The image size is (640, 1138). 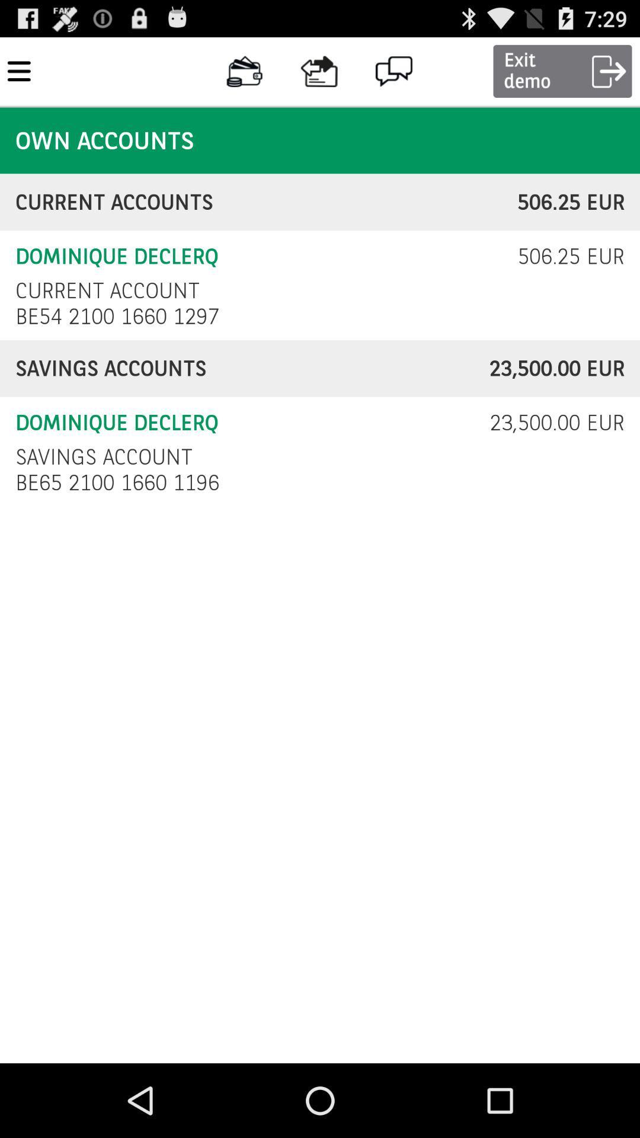 What do you see at coordinates (120, 316) in the screenshot?
I see `the be54 2100 1660 icon` at bounding box center [120, 316].